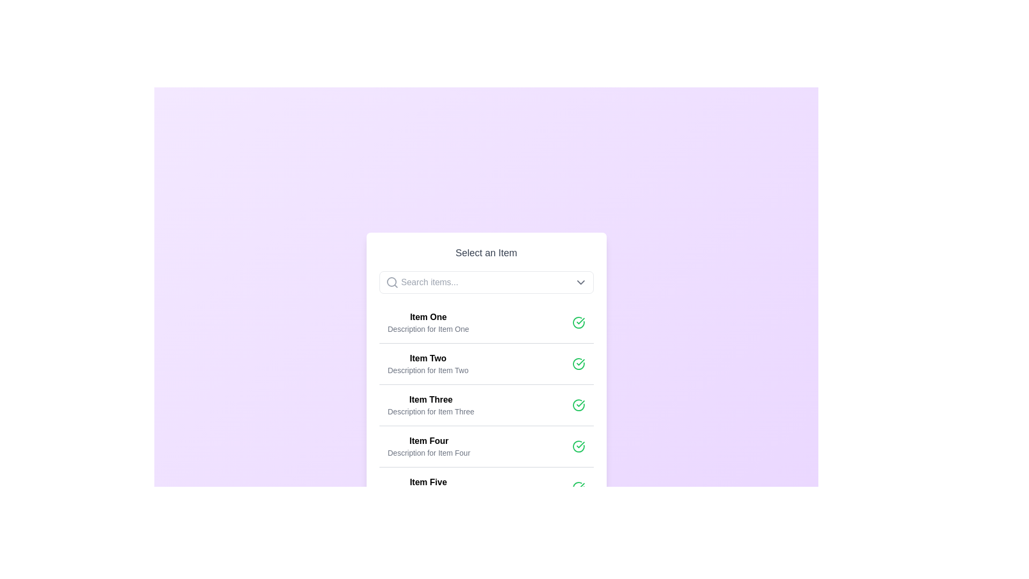  Describe the element at coordinates (578, 405) in the screenshot. I see `the state of the circular icon with a green outline and a checkmark located in the right section of the list row containing 'Item Three' and its description` at that location.